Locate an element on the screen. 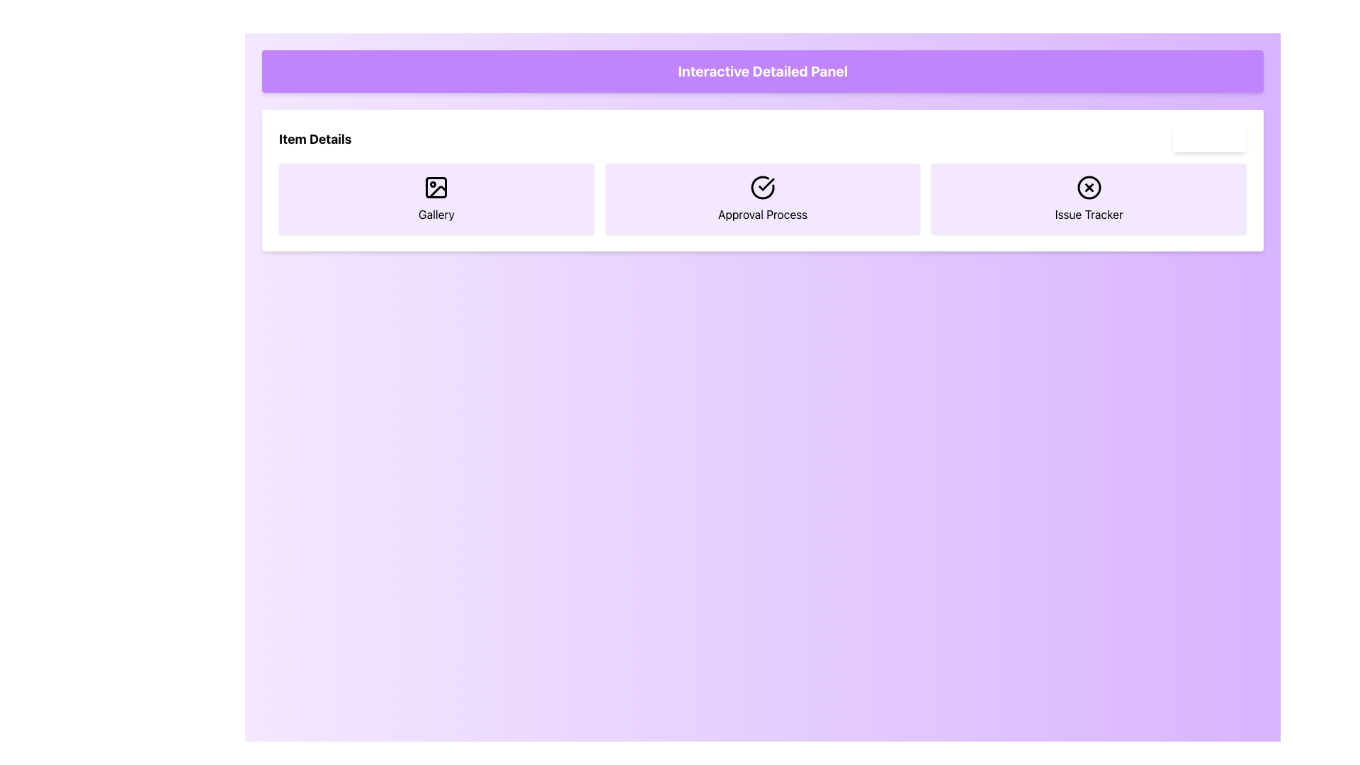  the closure icon within the 'Issue Tracker' button, located on the right side of the section below the 'Interactive Detailed Panel' header is located at coordinates (1088, 187).